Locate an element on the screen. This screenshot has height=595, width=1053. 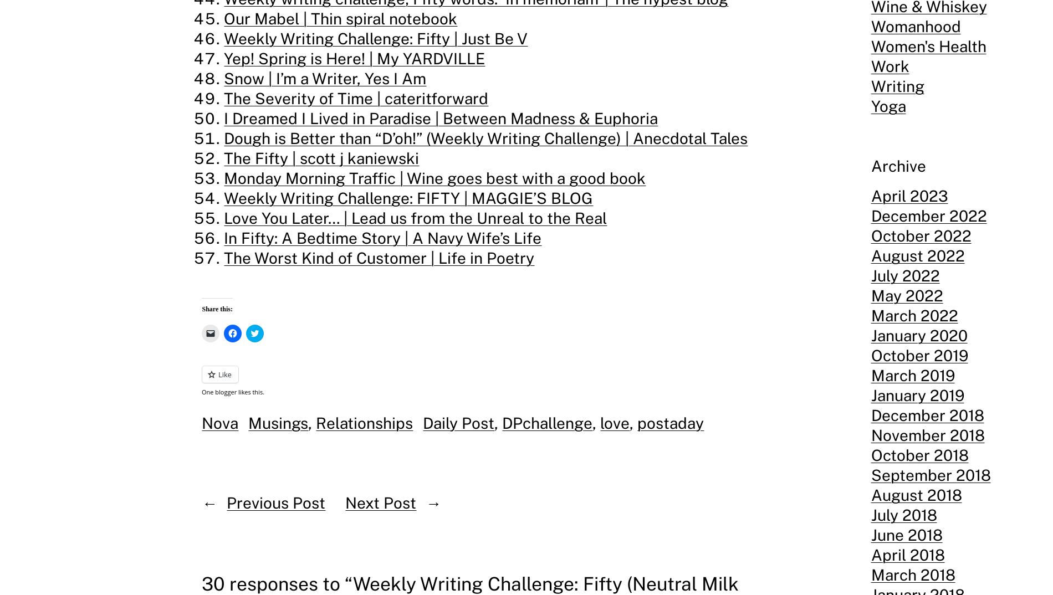
'postaday' is located at coordinates (637, 422).